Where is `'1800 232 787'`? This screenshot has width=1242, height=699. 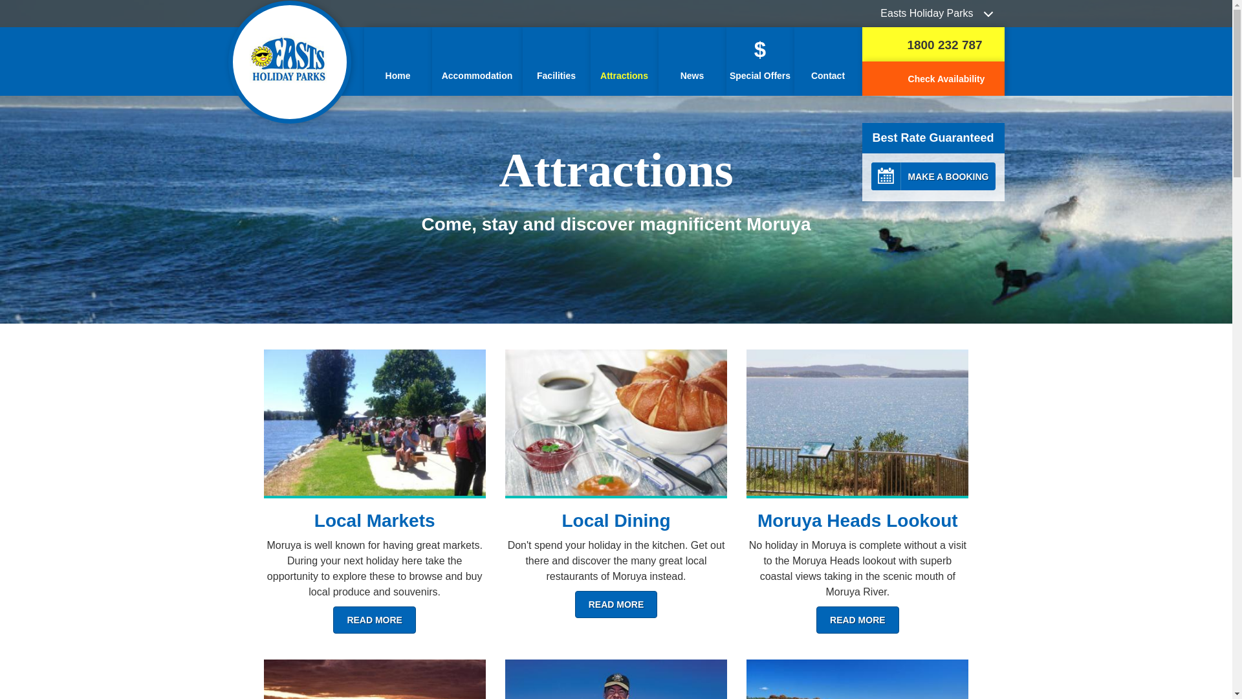 '1800 232 787' is located at coordinates (932, 43).